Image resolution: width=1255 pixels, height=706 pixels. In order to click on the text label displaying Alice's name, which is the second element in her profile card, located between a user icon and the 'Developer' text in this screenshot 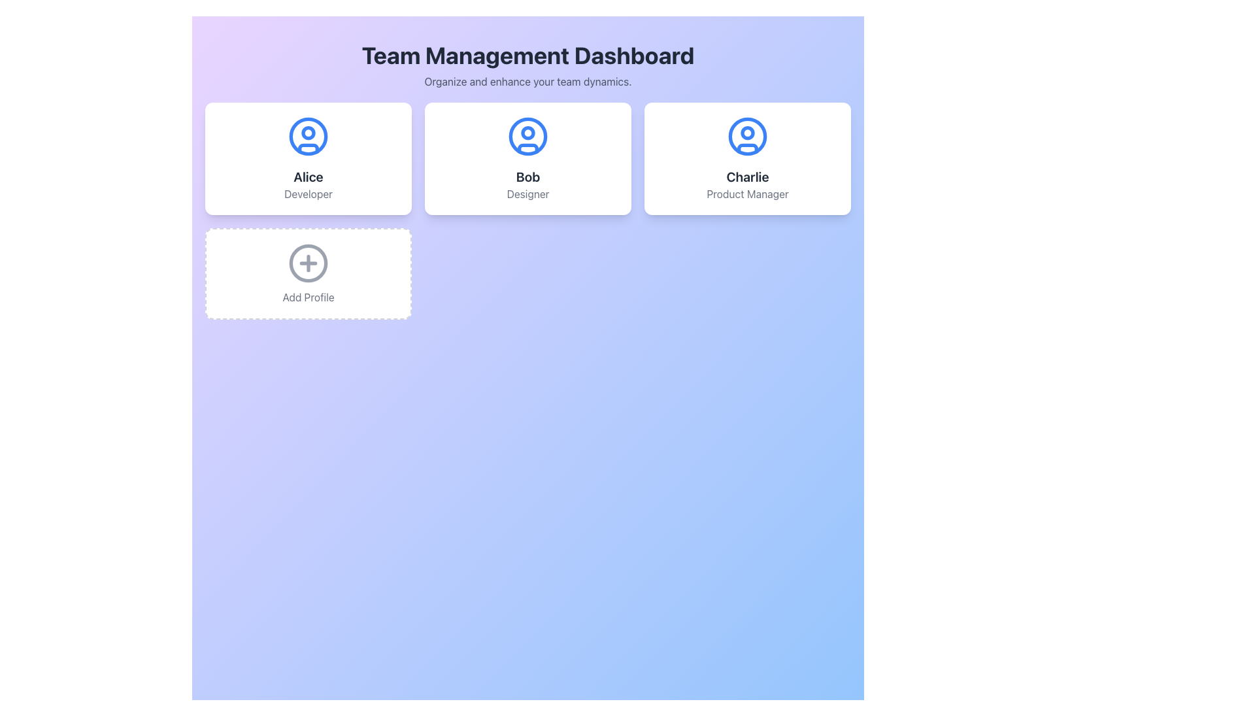, I will do `click(307, 176)`.